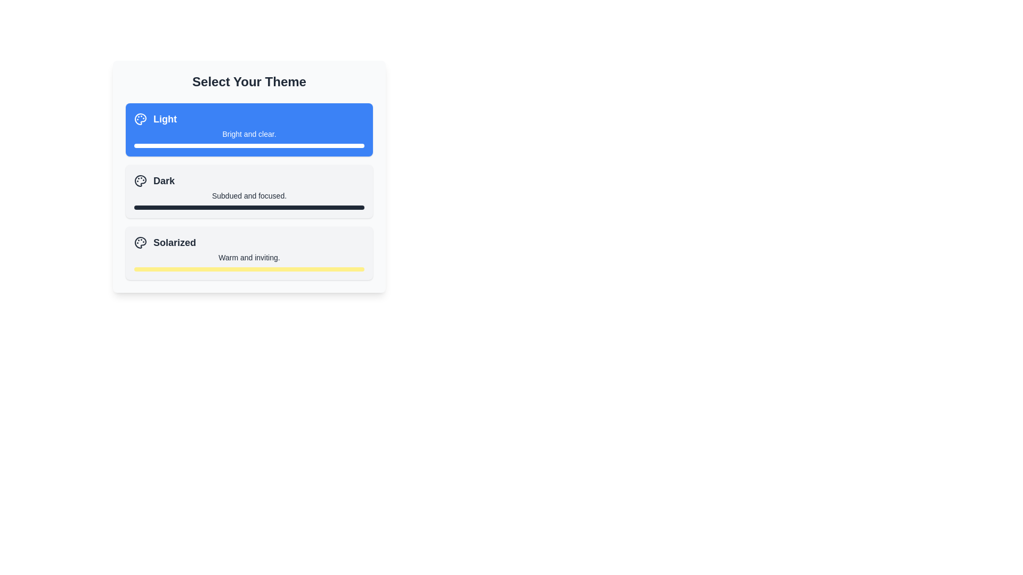  Describe the element at coordinates (248, 176) in the screenshot. I see `the 'Dark' selectable theme card` at that location.